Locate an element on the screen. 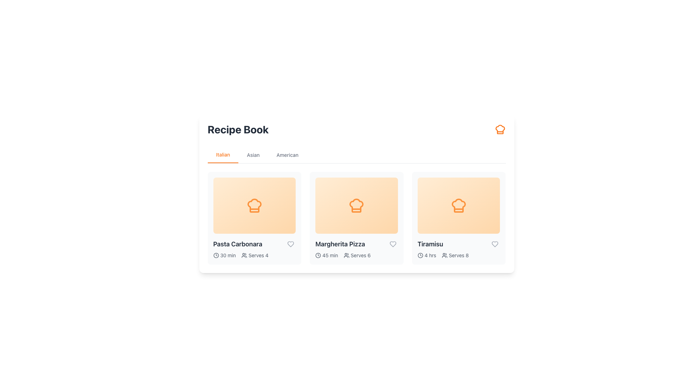  the serving size icon for the 'Tiramisu' dish, which is located to the left of the 'Serves 8' text in the lower section of the card is located at coordinates (444, 255).